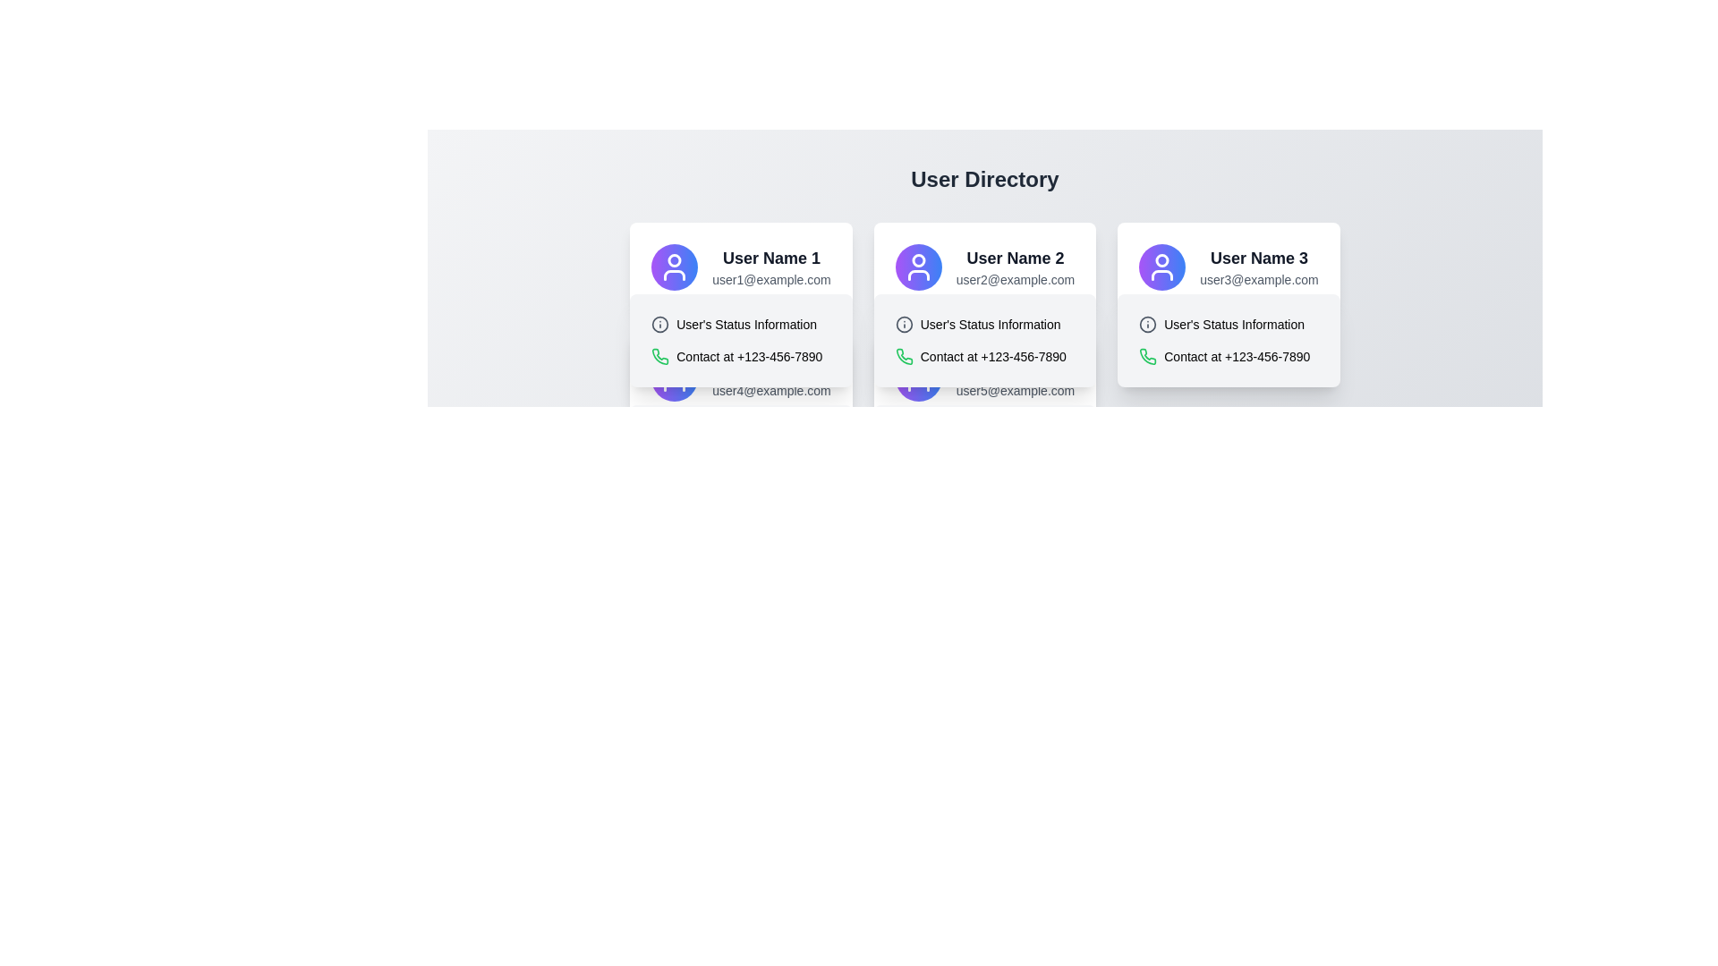 The height and width of the screenshot is (966, 1718). What do you see at coordinates (741, 324) in the screenshot?
I see `the Label with icon that displays 'User's Status Information', featuring a circular gray icon with an 'i' inside, located in the upper half of the card structure` at bounding box center [741, 324].